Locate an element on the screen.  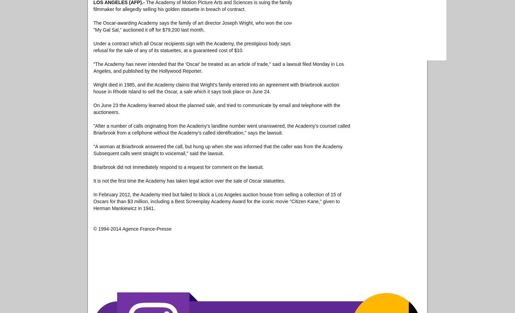
'In February 2012, the Academy tried but failed to block a Los Angeles auction house from selling a collection of 15 of Oscars for than $3 million, including a Best Screenplay Academy Award for the iconic movie "Citizen Kane," given to Herman Mankiewicz in 1941.' is located at coordinates (217, 200).